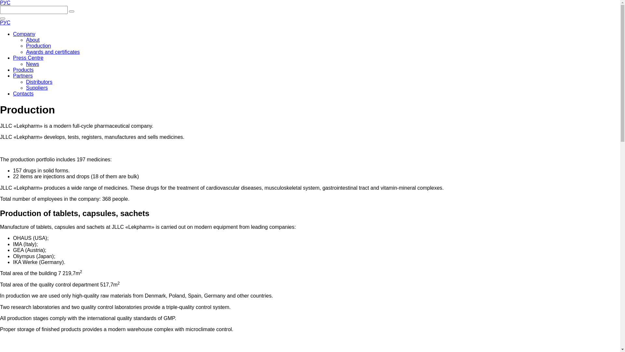 The image size is (625, 352). I want to click on 'Awards and certificates', so click(53, 51).